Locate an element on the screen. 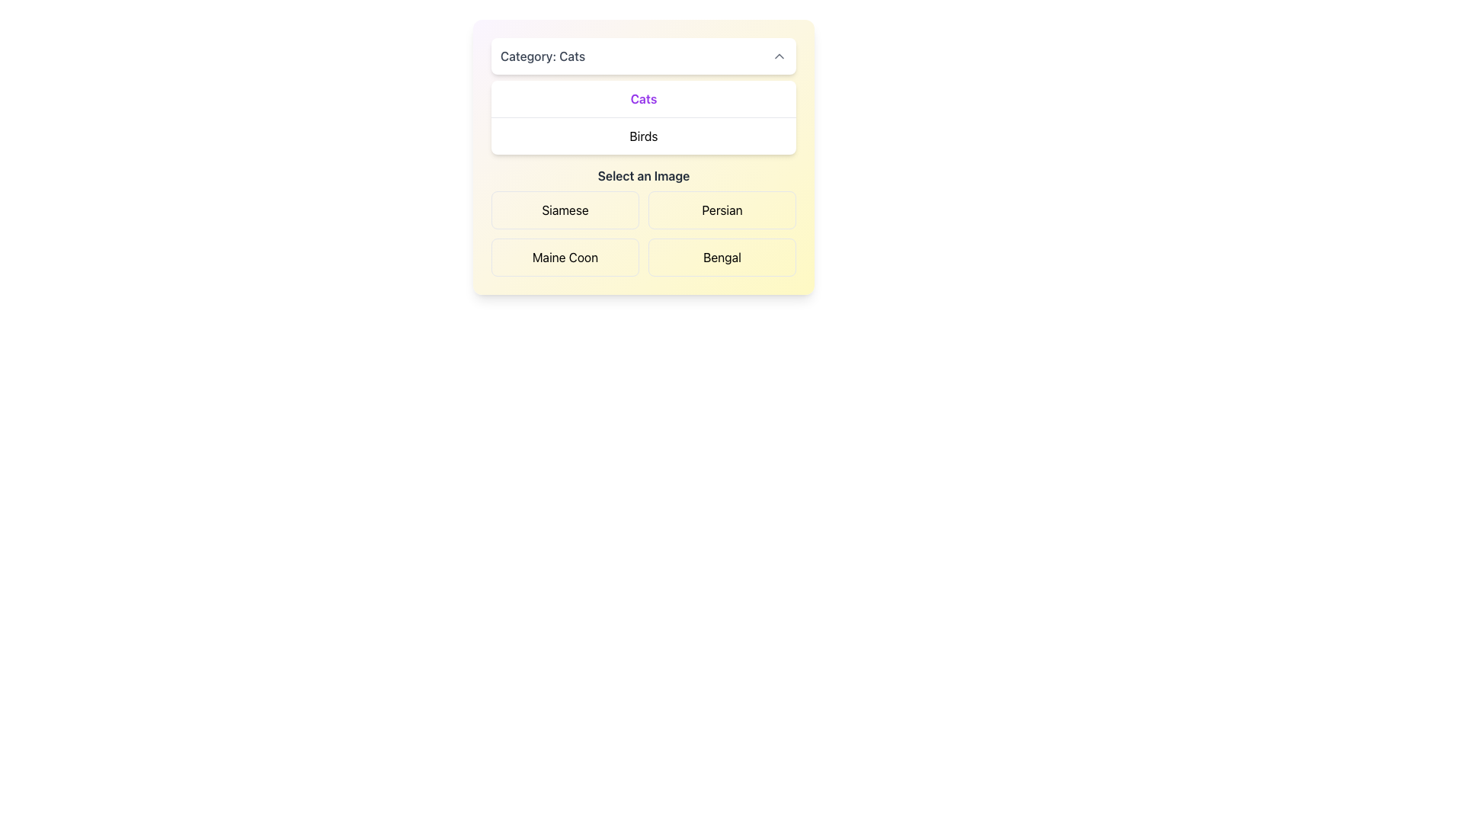  the text label displaying 'Category: Cats' within the dropdown menu interface is located at coordinates (543, 55).